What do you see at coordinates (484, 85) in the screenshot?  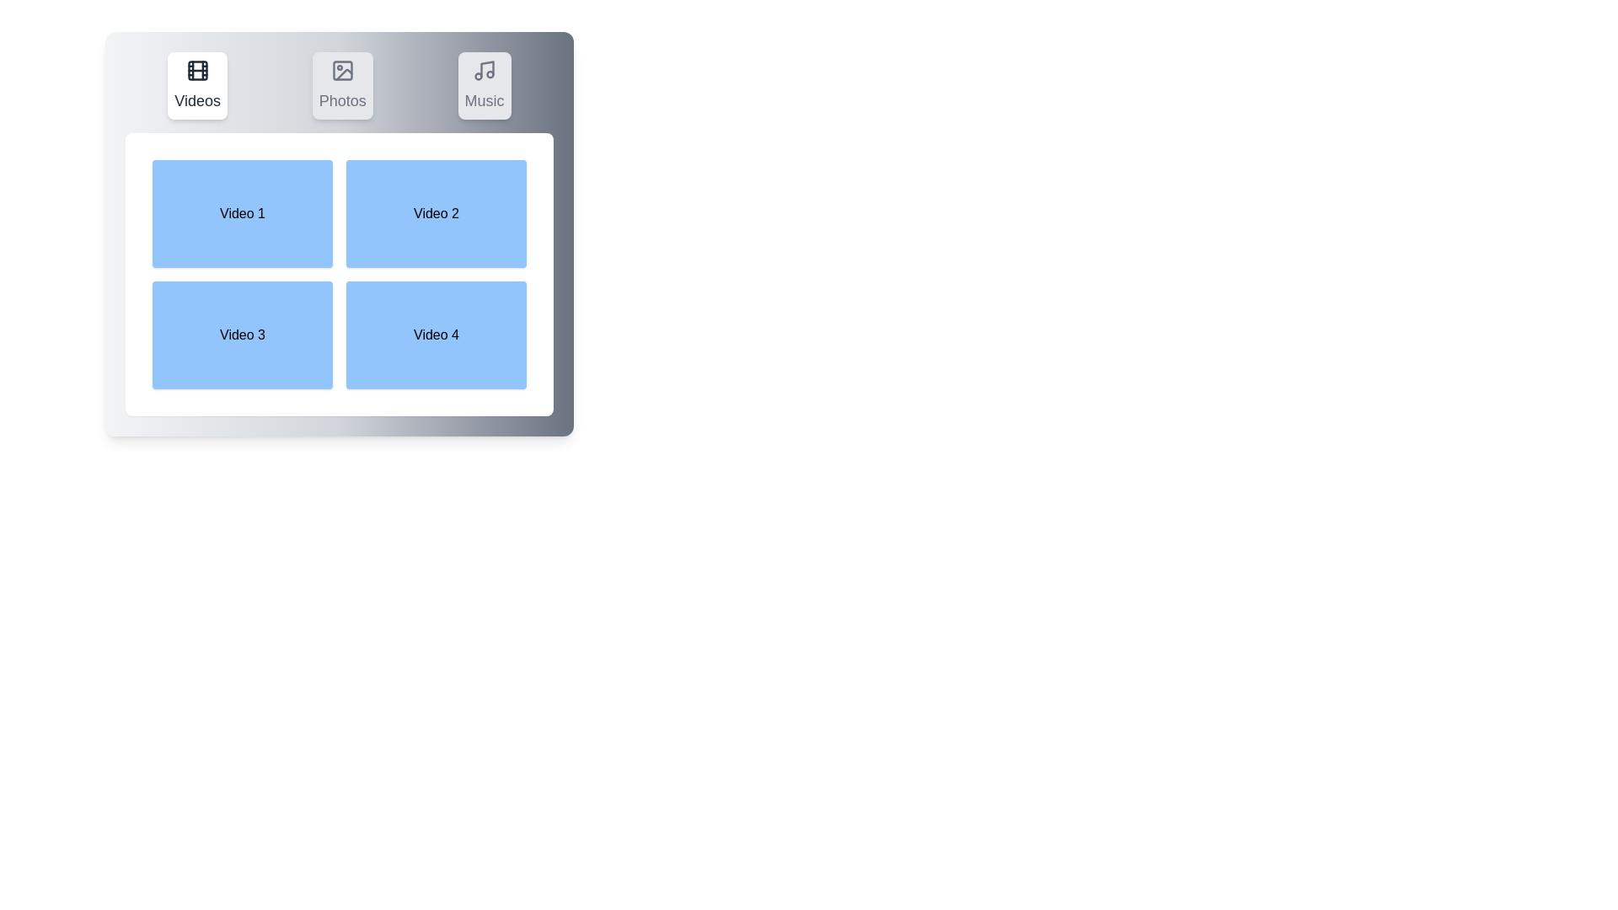 I see `the Music tab to switch to the corresponding section` at bounding box center [484, 85].